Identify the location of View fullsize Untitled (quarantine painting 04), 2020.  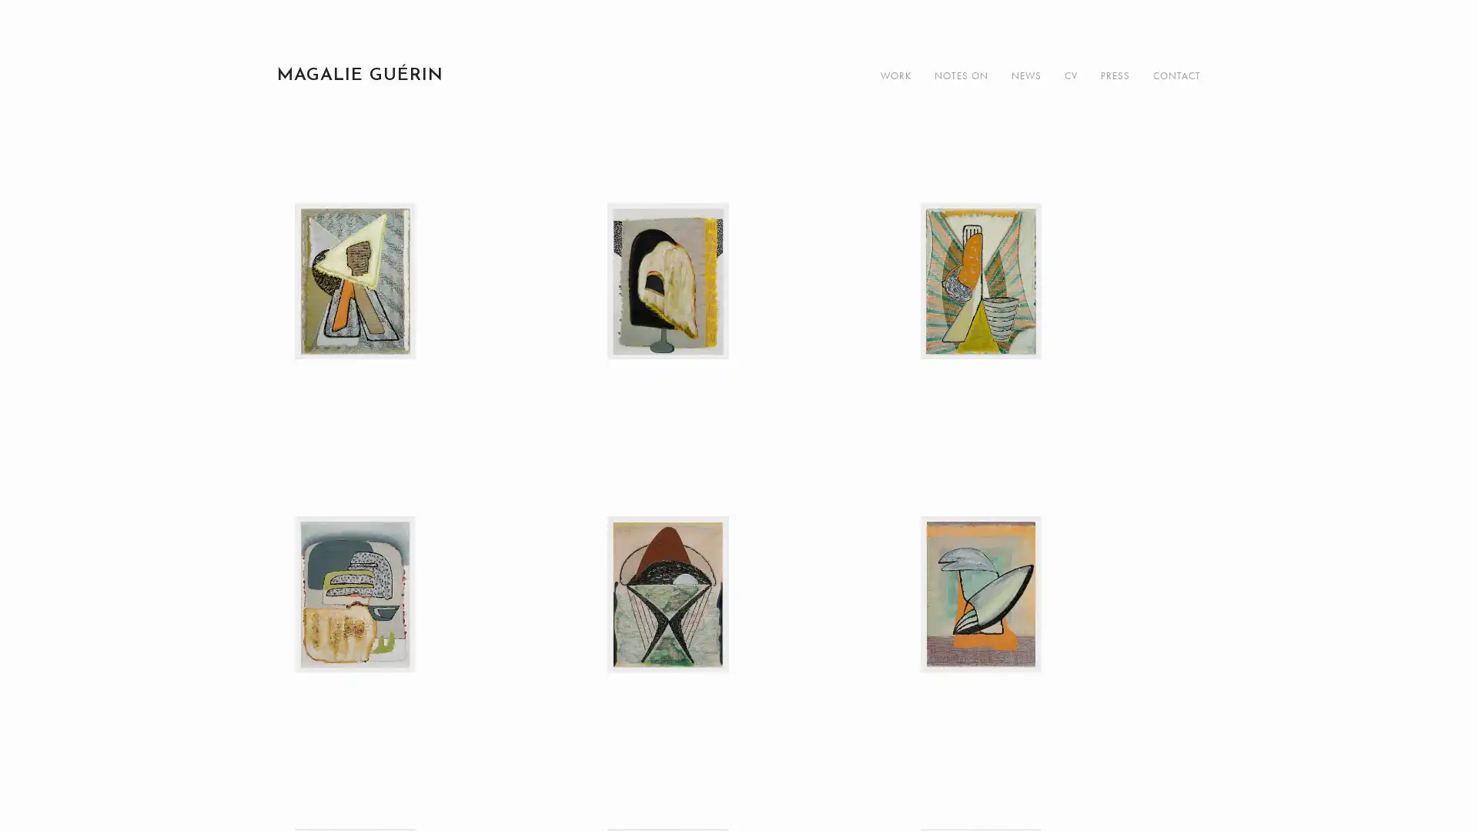
(425, 663).